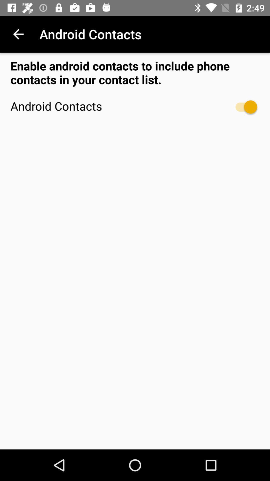 The image size is (270, 481). Describe the element at coordinates (243, 107) in the screenshot. I see `item below enable android contacts` at that location.